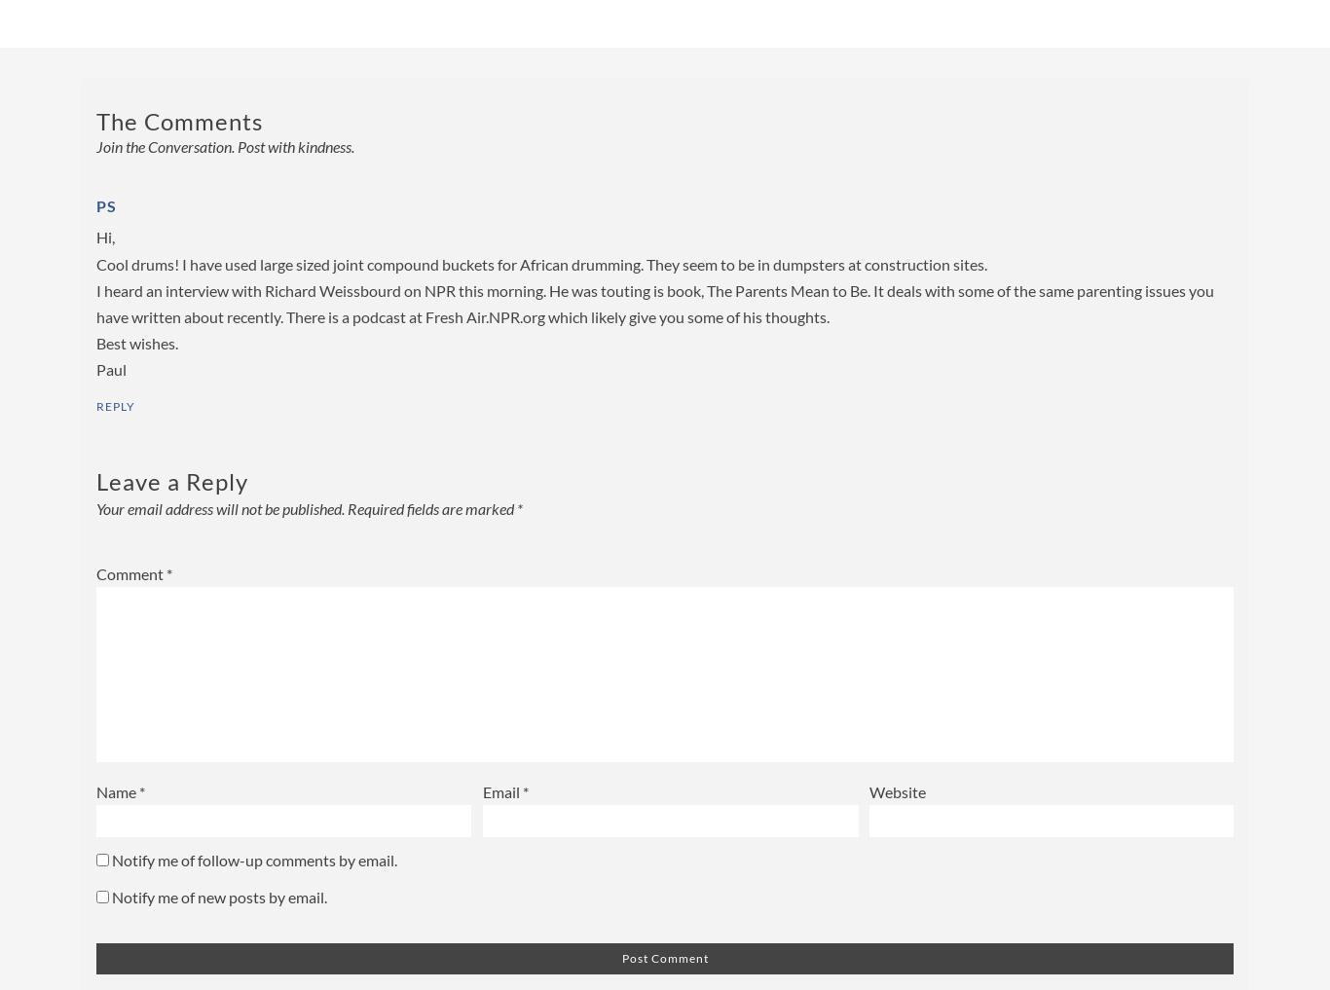 Image resolution: width=1330 pixels, height=990 pixels. What do you see at coordinates (117, 790) in the screenshot?
I see `'Name'` at bounding box center [117, 790].